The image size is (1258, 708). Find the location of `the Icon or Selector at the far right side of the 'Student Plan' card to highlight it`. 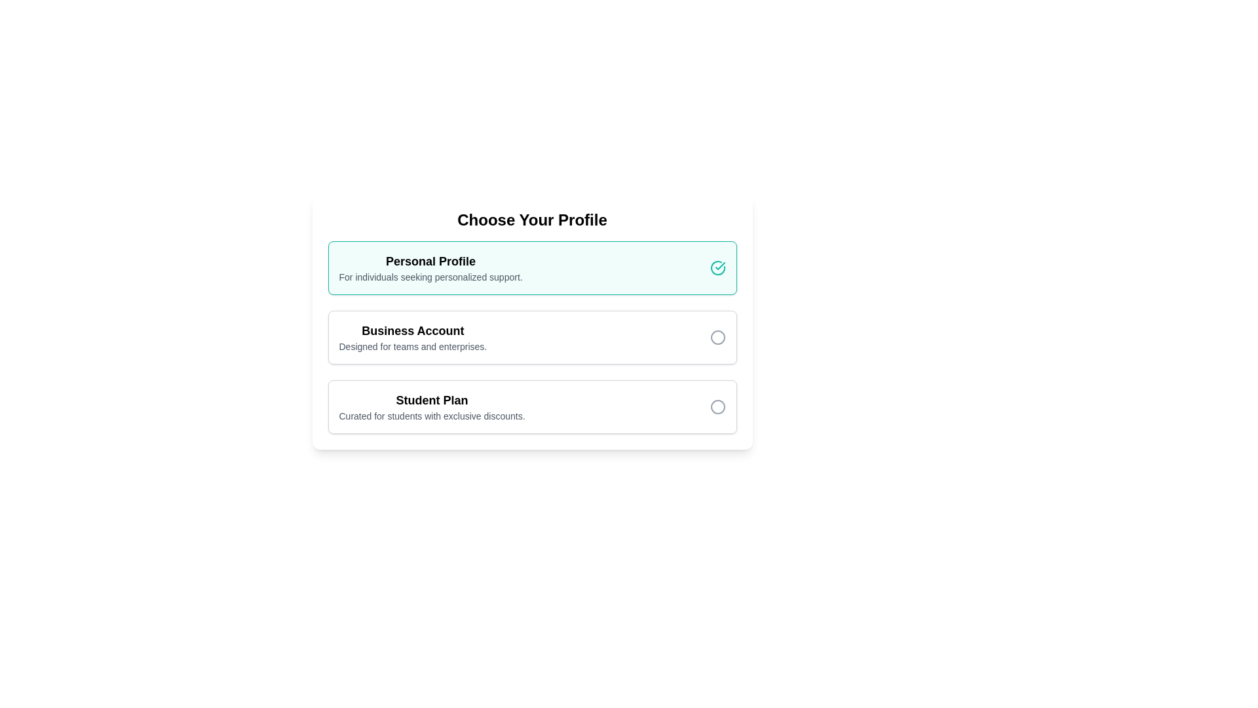

the Icon or Selector at the far right side of the 'Student Plan' card to highlight it is located at coordinates (717, 406).